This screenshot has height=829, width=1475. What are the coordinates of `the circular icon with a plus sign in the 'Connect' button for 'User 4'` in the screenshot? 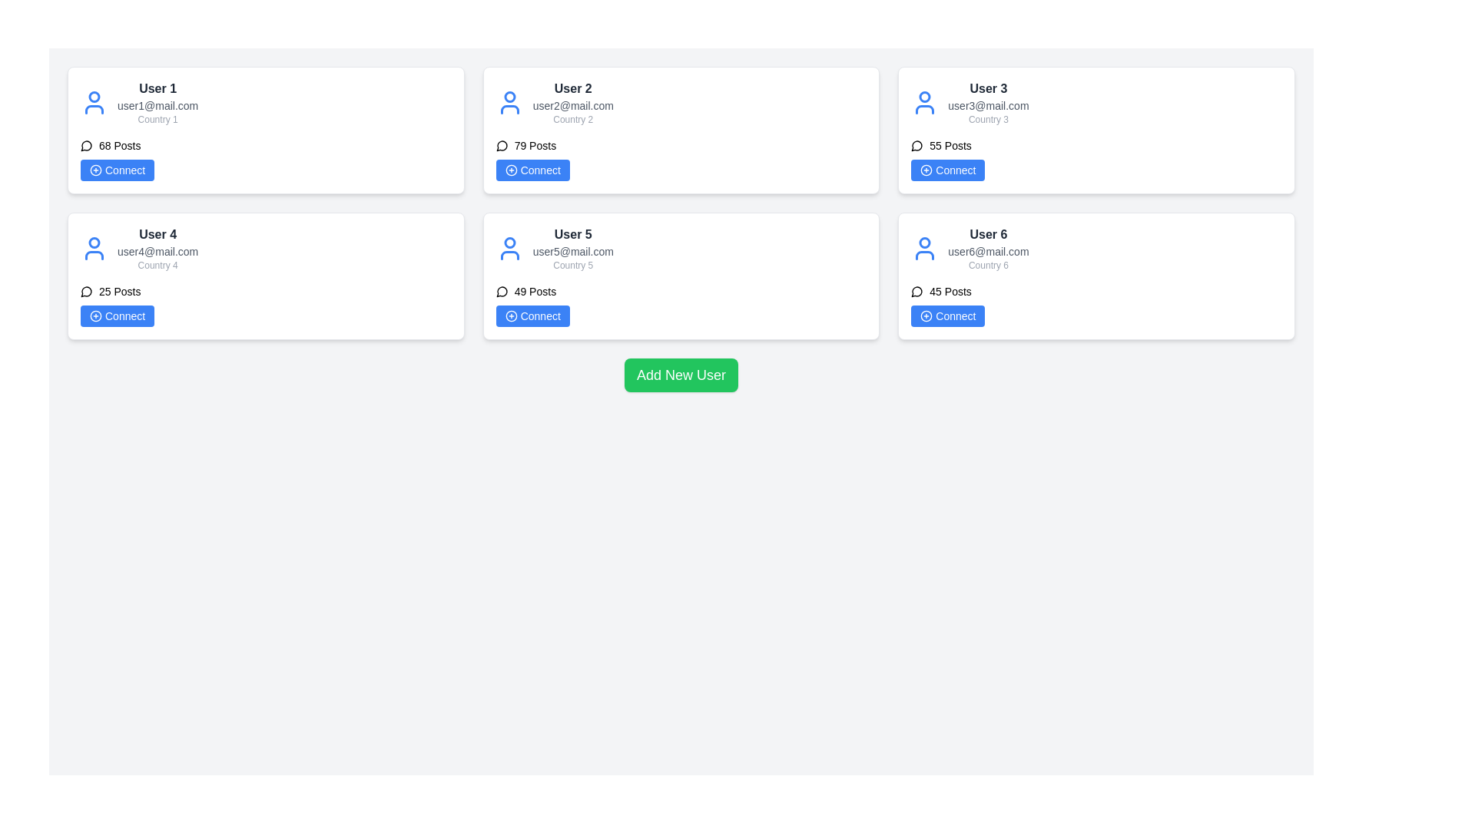 It's located at (94, 315).